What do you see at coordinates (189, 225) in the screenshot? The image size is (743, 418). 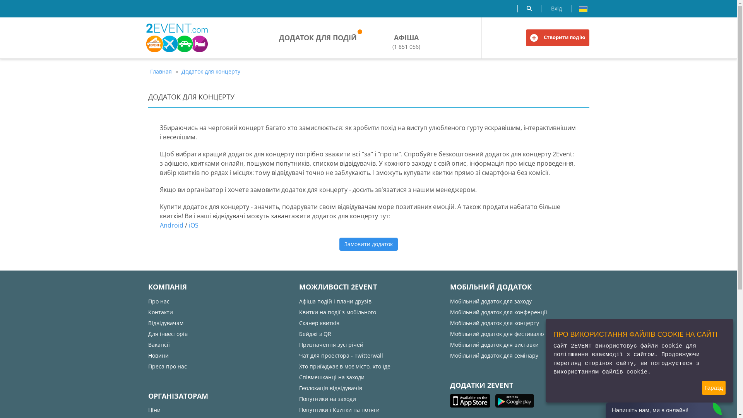 I see `'iOS'` at bounding box center [189, 225].